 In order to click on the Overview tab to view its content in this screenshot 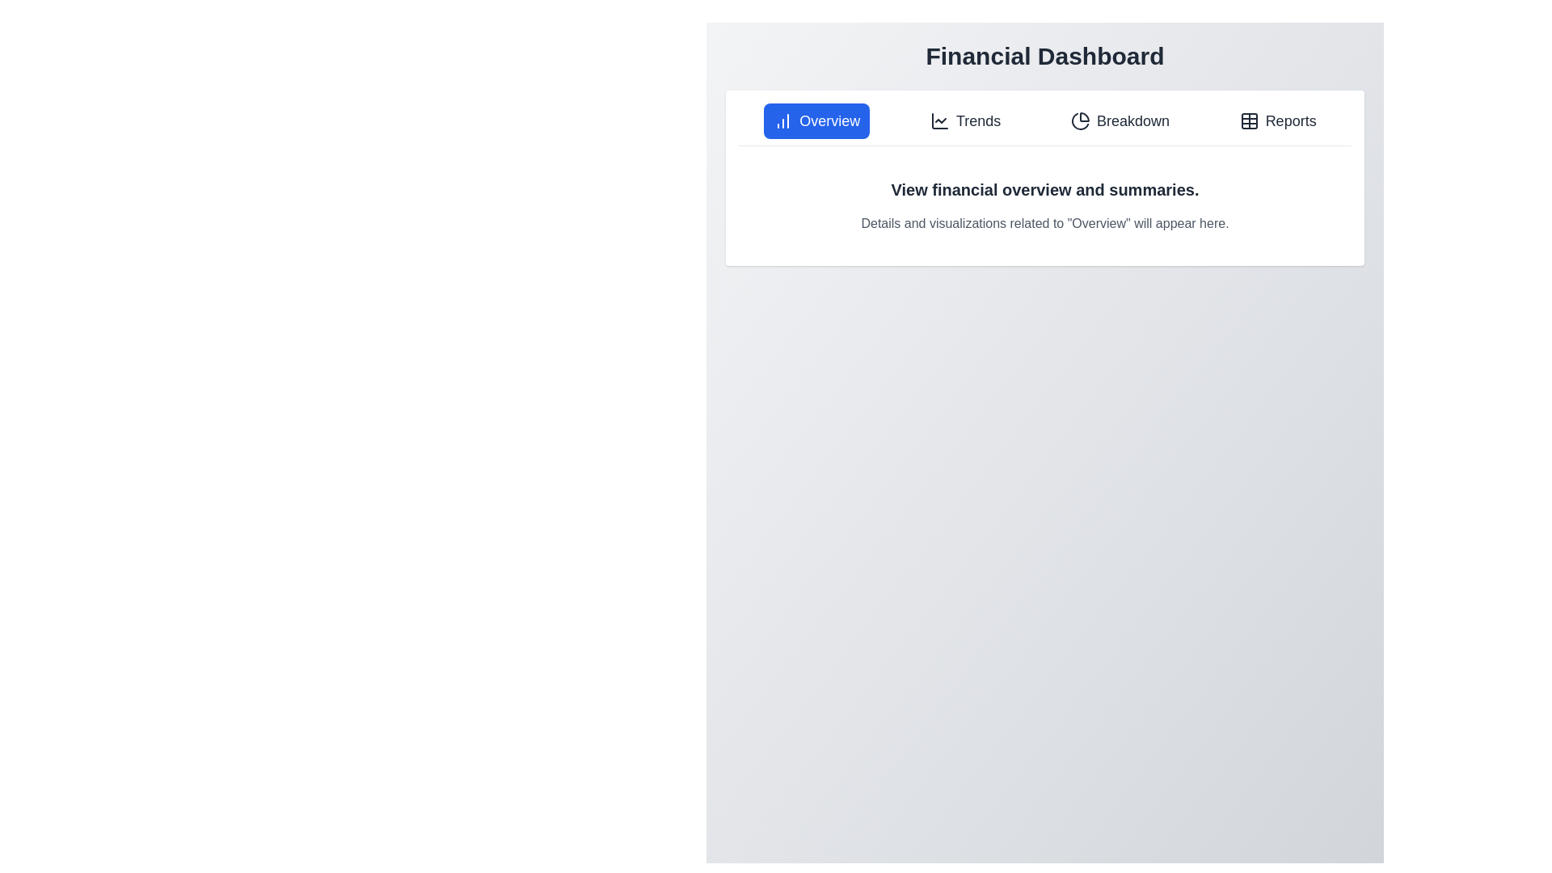, I will do `click(816, 120)`.